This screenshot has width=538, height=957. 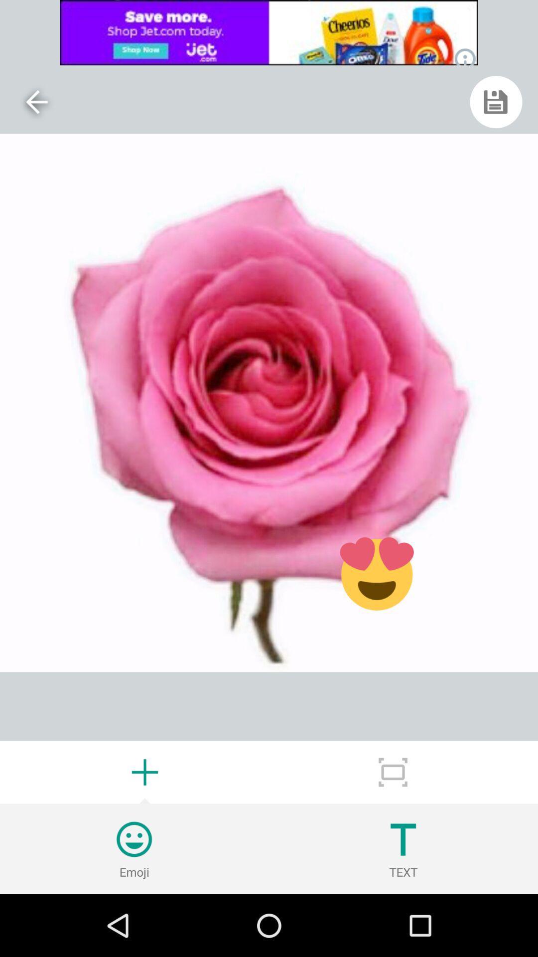 What do you see at coordinates (36, 102) in the screenshot?
I see `the arrow_backward icon` at bounding box center [36, 102].